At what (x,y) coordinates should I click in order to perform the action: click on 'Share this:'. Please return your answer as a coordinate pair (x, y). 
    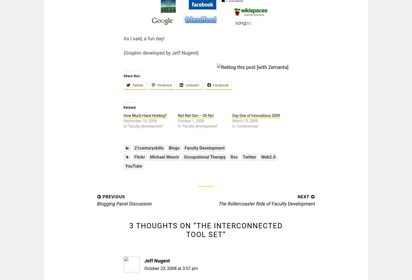
    Looking at the image, I should click on (132, 76).